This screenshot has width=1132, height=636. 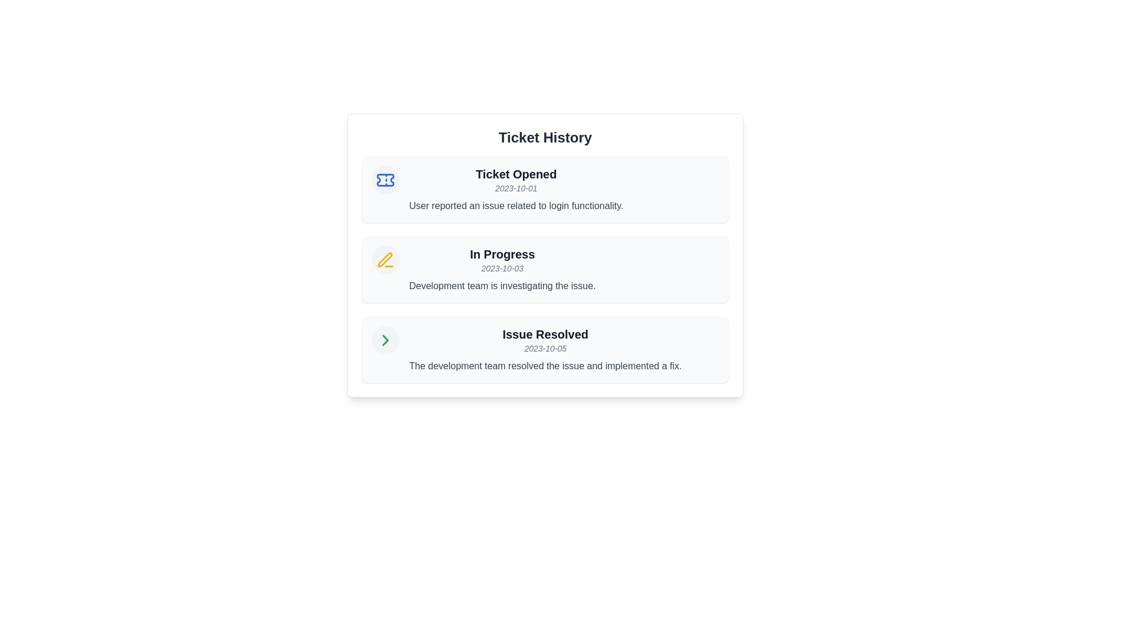 What do you see at coordinates (545, 255) in the screenshot?
I see `individual entries in the ticket history interface, which displays chronological status updates such as 'Ticket Opened', 'In Progress', and 'Issue Resolved'` at bounding box center [545, 255].